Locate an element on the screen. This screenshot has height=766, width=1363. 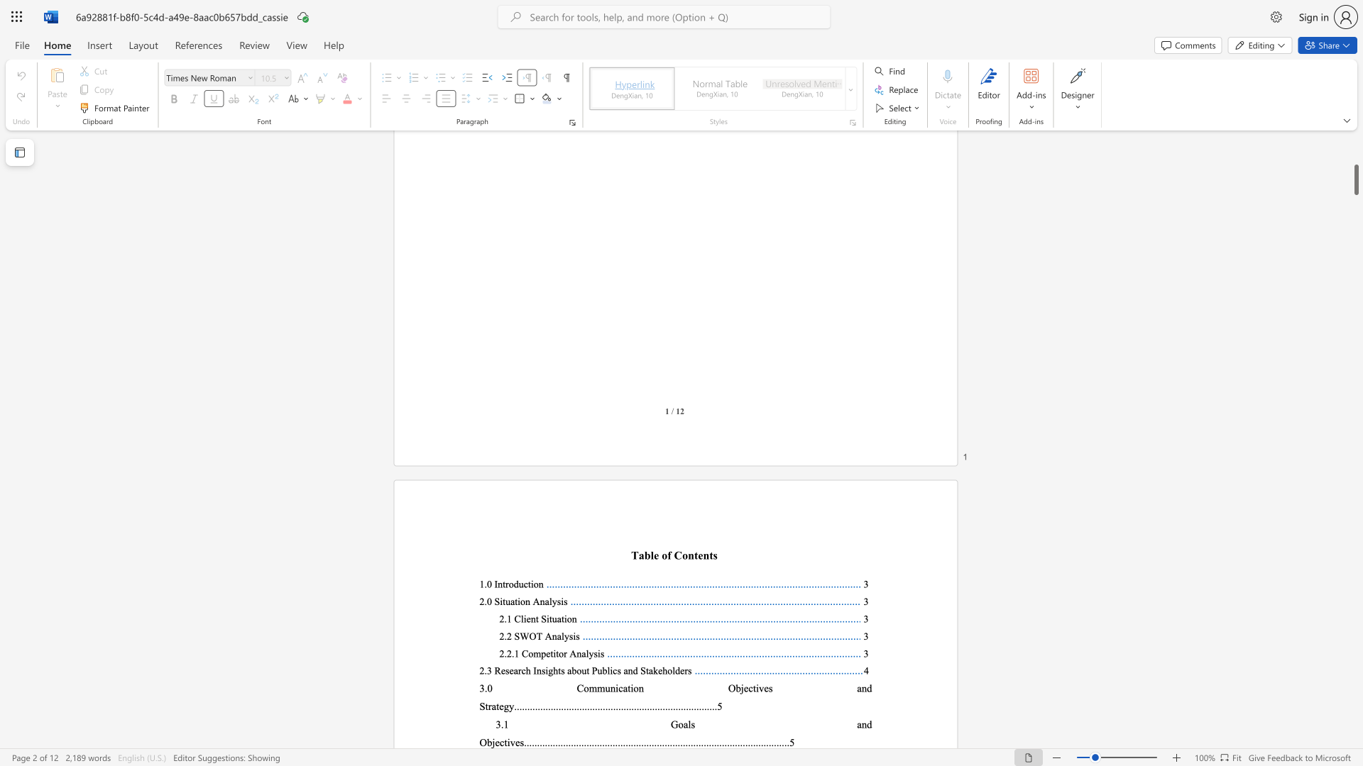
the 54th character "." in the text is located at coordinates (662, 741).